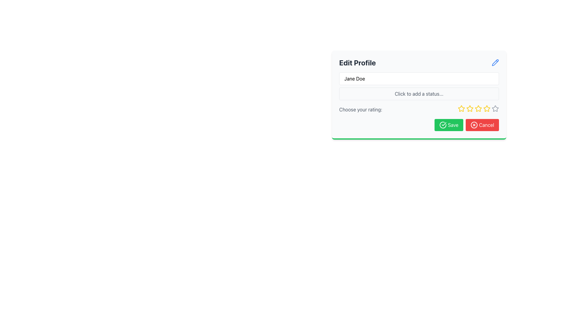  What do you see at coordinates (495, 62) in the screenshot?
I see `the pencil icon in the top-right corner of the 'Edit Profile' box` at bounding box center [495, 62].